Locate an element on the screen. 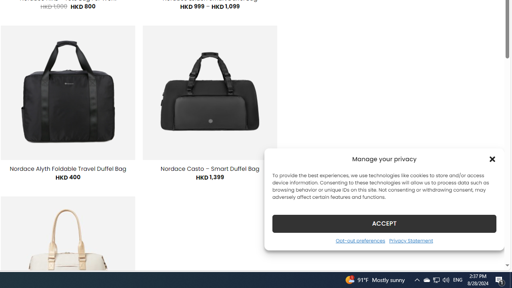 Image resolution: width=512 pixels, height=288 pixels. 'ACCEPT' is located at coordinates (384, 223).